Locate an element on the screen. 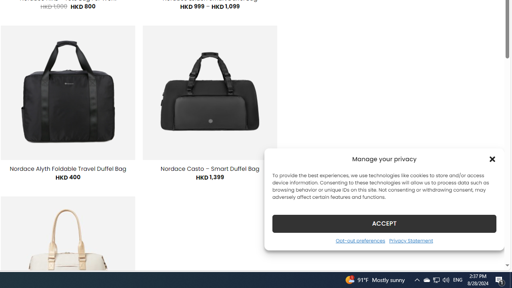 Image resolution: width=512 pixels, height=288 pixels. 'ACCEPT' is located at coordinates (384, 223).